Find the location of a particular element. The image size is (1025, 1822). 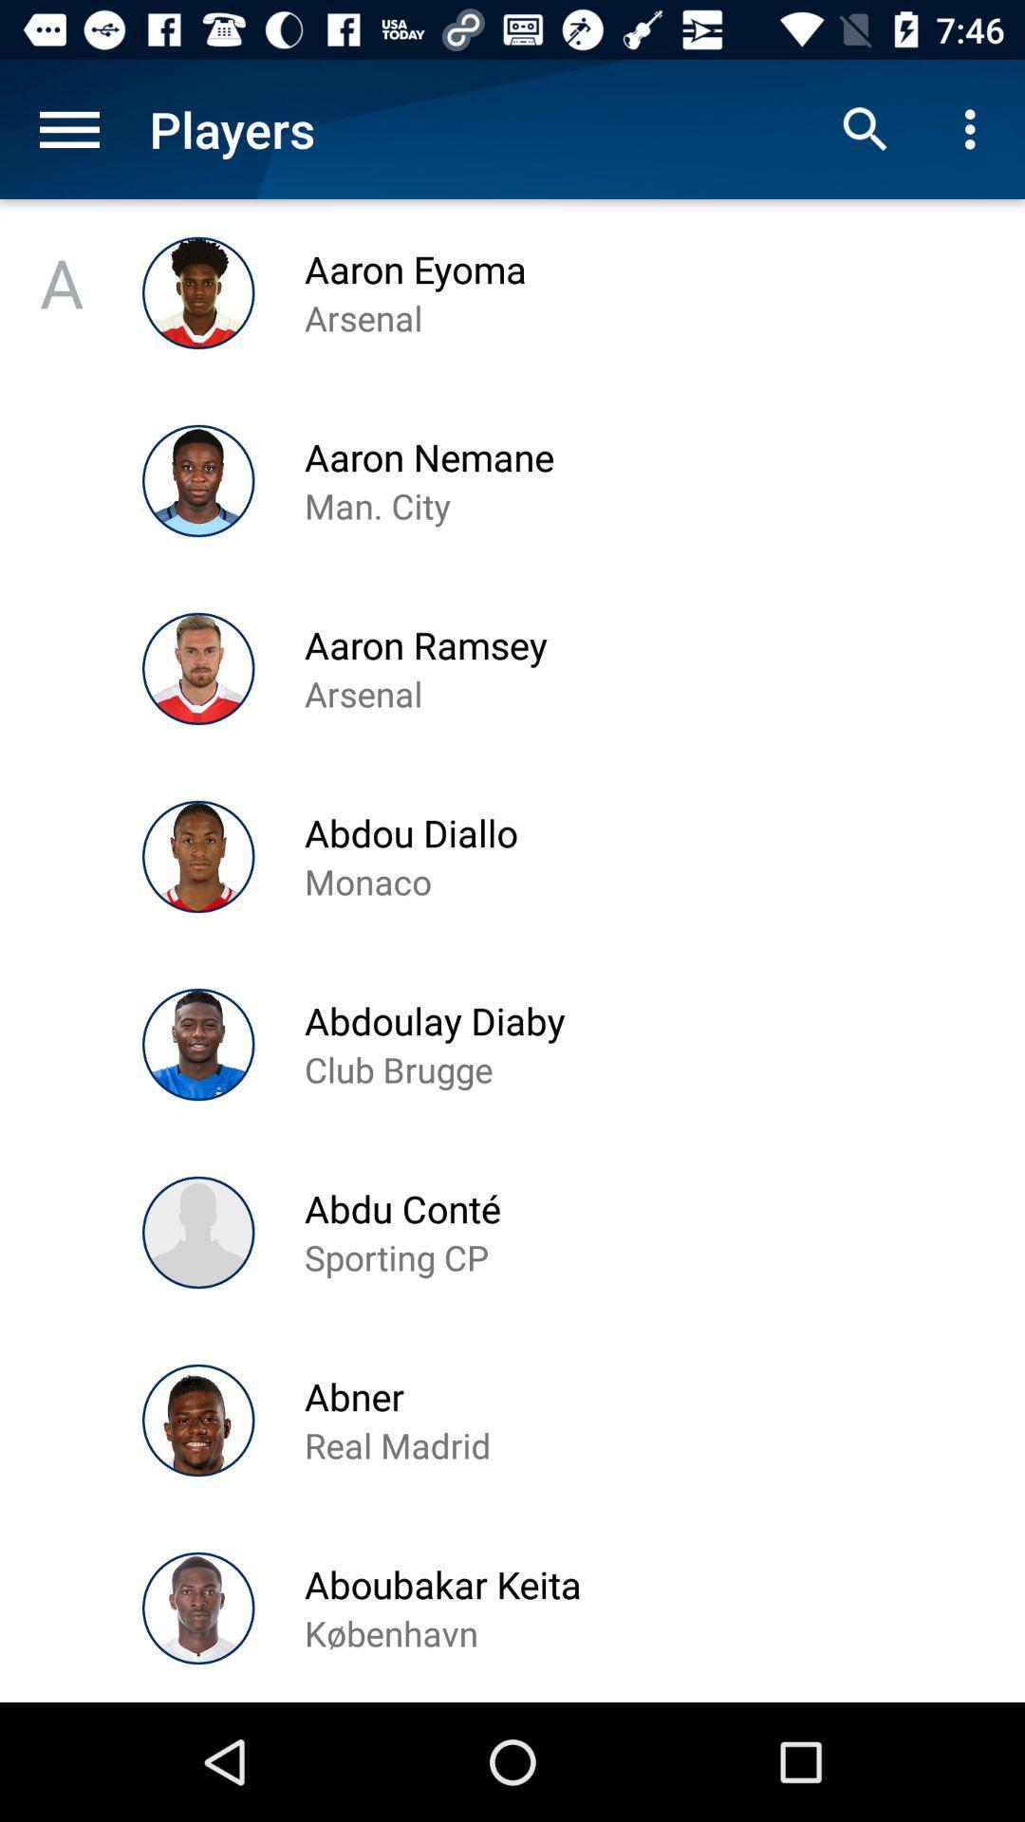

the image which is aaron eyoma is located at coordinates (198, 291).